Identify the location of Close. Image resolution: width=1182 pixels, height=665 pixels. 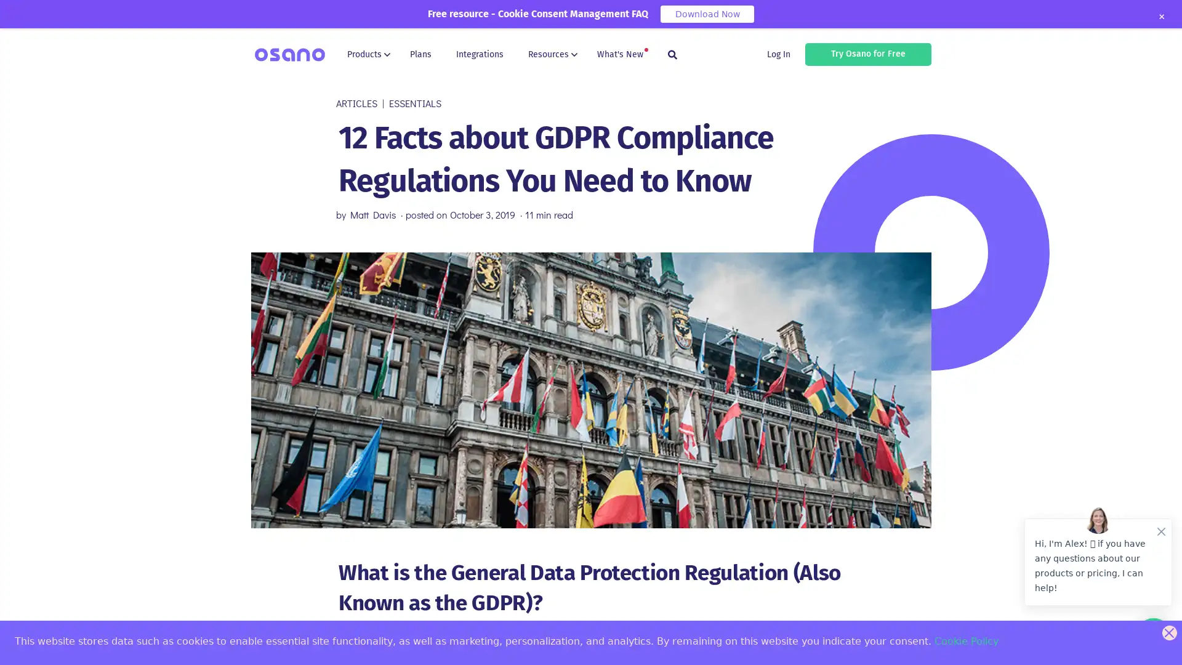
(1160, 17).